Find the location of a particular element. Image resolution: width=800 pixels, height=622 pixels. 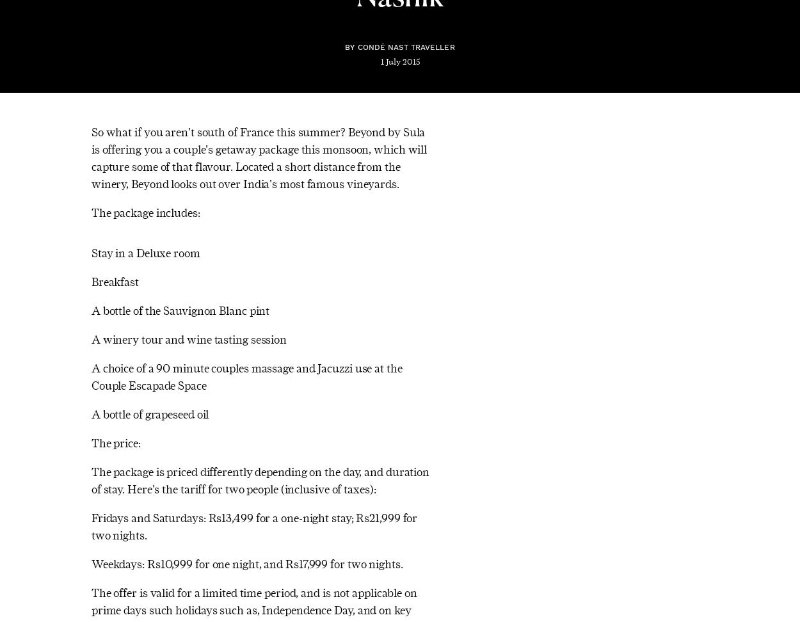

'The package is priced differently depending on the day, and duration of stay. Here's the tariff for two people (inclusive of taxes):' is located at coordinates (91, 479).